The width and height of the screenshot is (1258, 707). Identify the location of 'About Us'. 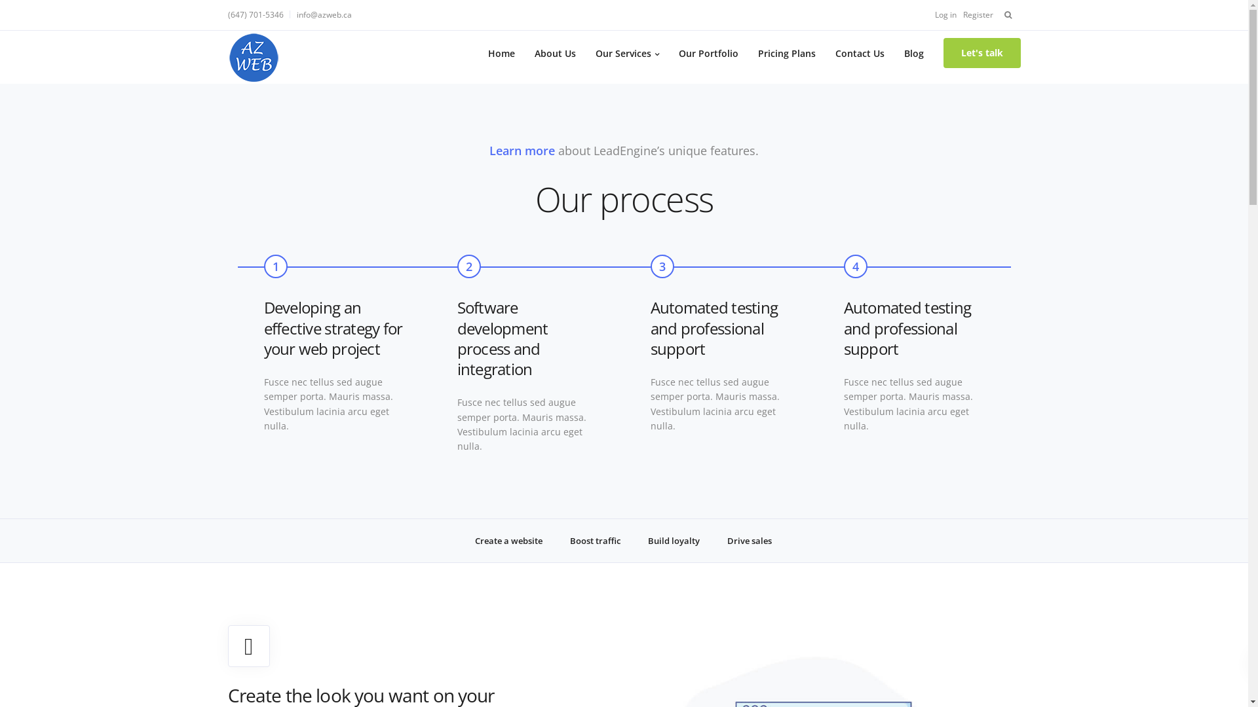
(524, 52).